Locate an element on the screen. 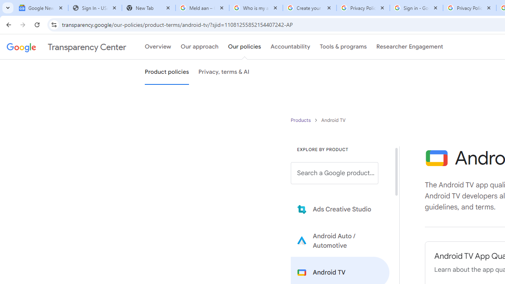  'Privacy, terms & AI' is located at coordinates (224, 72).